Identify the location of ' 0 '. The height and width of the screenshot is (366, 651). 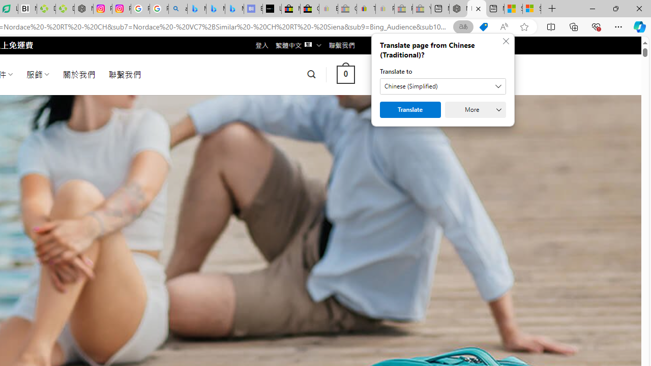
(345, 74).